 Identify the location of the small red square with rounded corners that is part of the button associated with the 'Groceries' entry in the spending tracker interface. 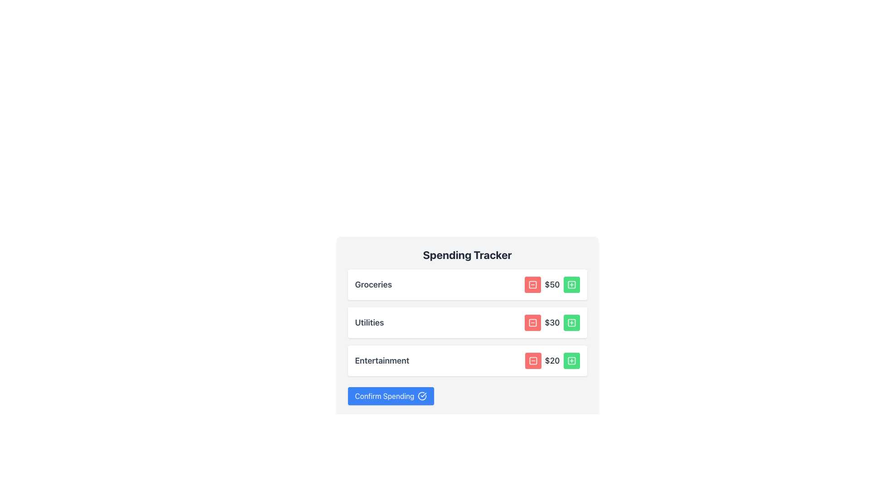
(533, 284).